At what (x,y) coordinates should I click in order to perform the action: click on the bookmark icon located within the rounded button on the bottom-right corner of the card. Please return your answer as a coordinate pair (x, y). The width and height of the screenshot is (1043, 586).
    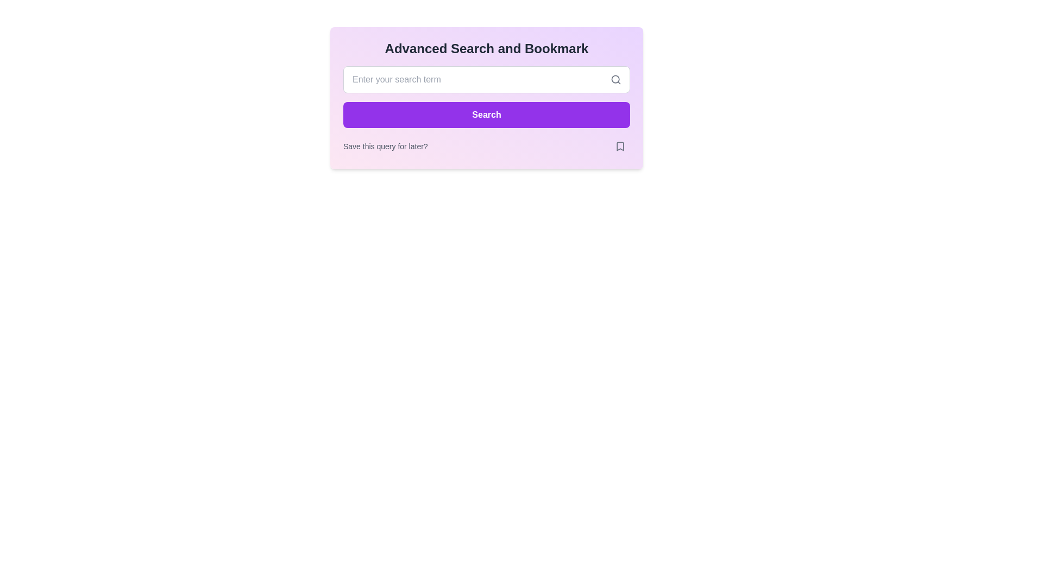
    Looking at the image, I should click on (620, 146).